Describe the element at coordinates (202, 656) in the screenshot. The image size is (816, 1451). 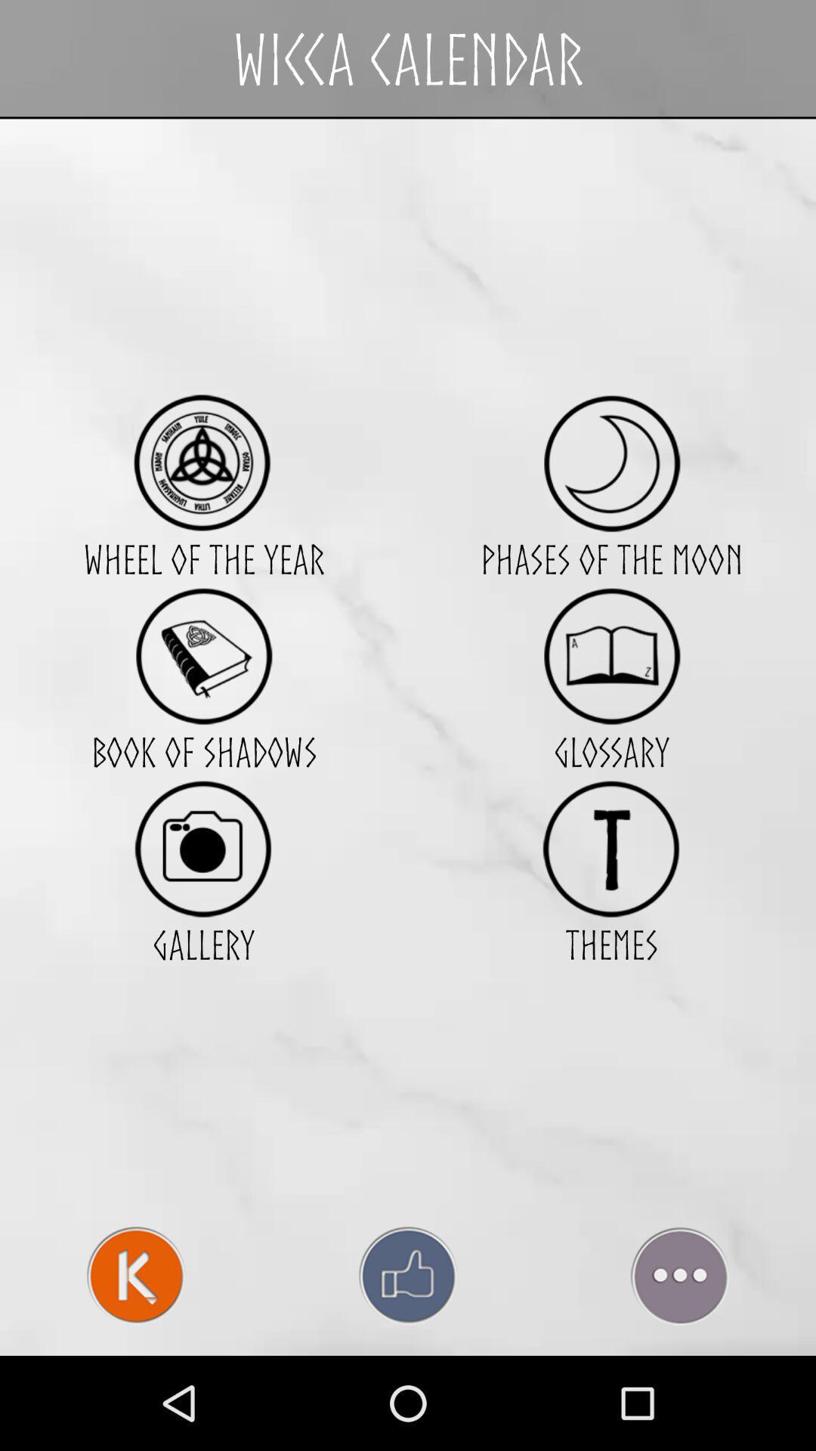
I see `the icon next to the phases of the app` at that location.